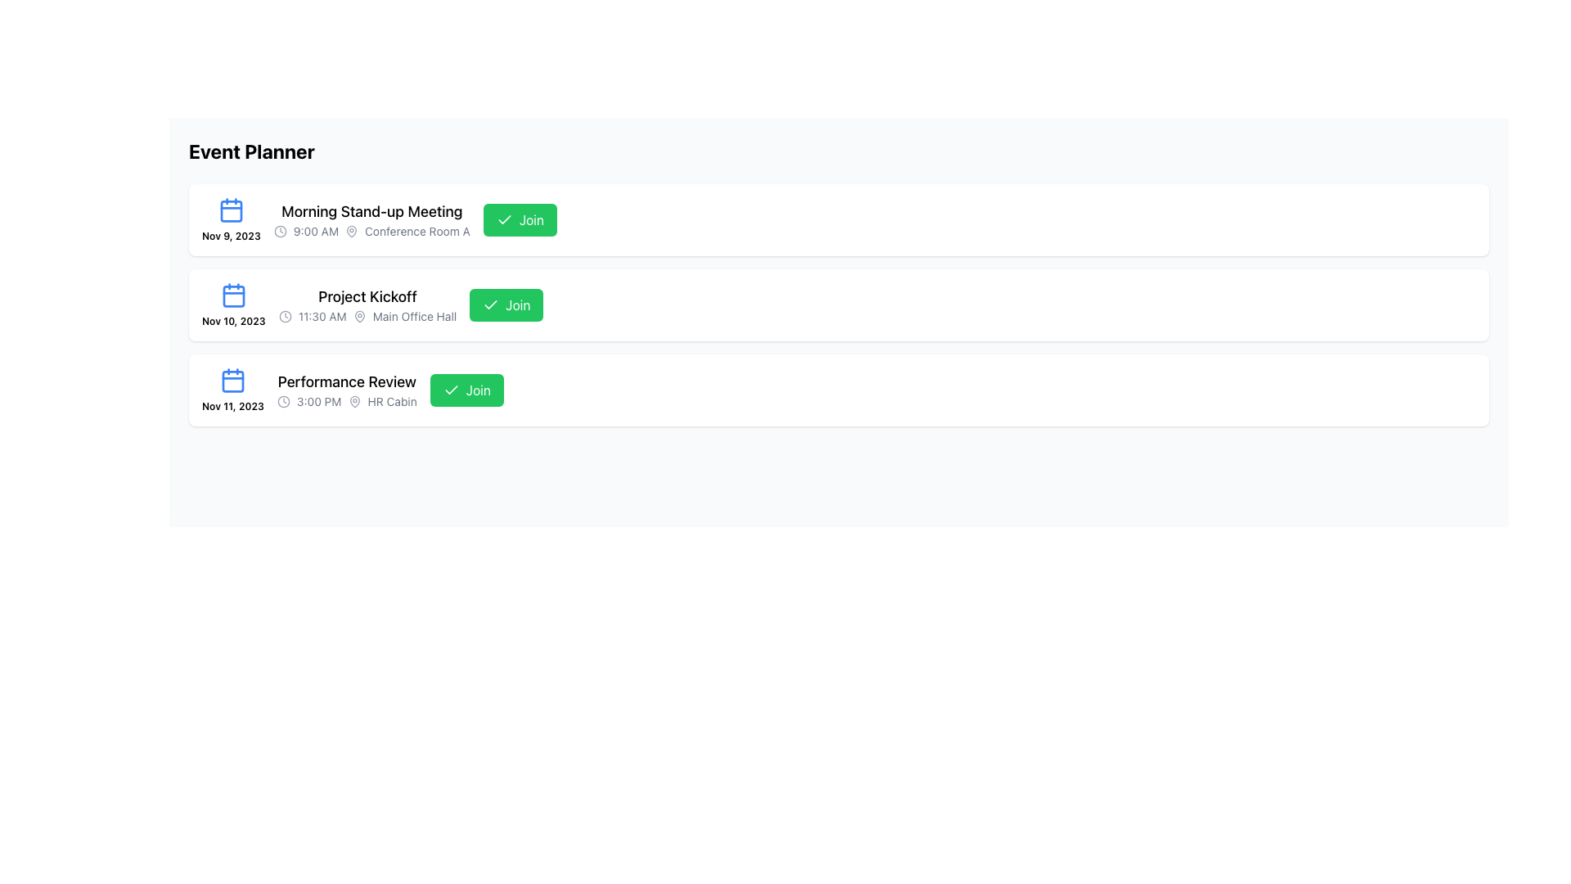 The height and width of the screenshot is (884, 1571). What do you see at coordinates (506, 305) in the screenshot?
I see `the 'Join Event' button located in the 'Project Kickoff' section` at bounding box center [506, 305].